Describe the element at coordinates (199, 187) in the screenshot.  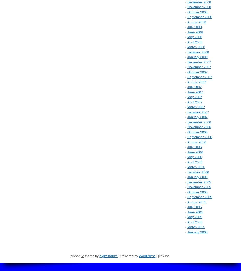
I see `'November 2005'` at that location.